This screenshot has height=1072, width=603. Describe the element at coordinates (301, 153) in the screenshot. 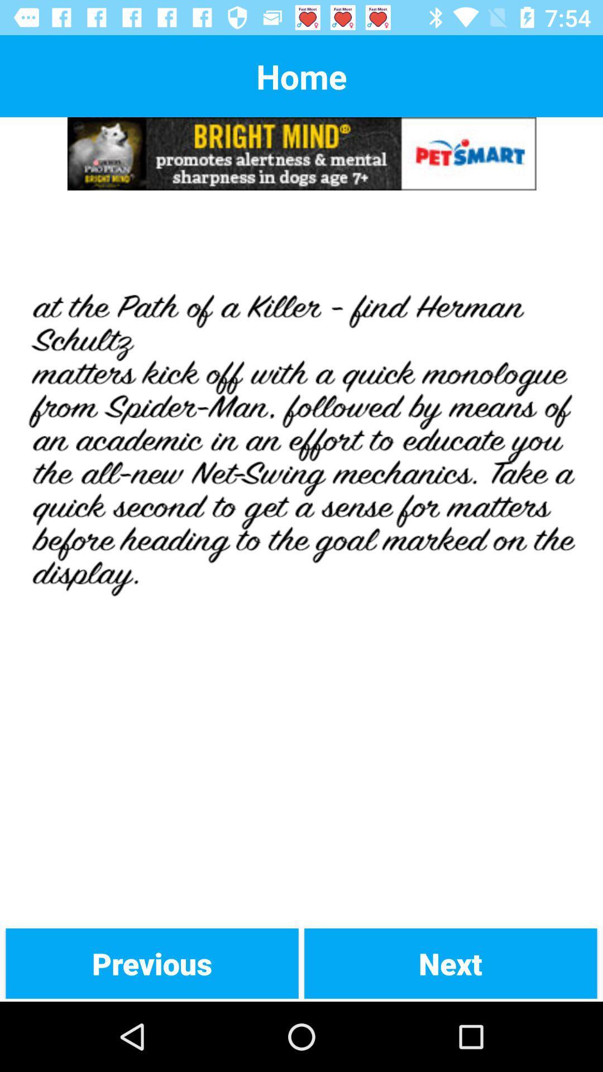

I see `advertisement banner` at that location.